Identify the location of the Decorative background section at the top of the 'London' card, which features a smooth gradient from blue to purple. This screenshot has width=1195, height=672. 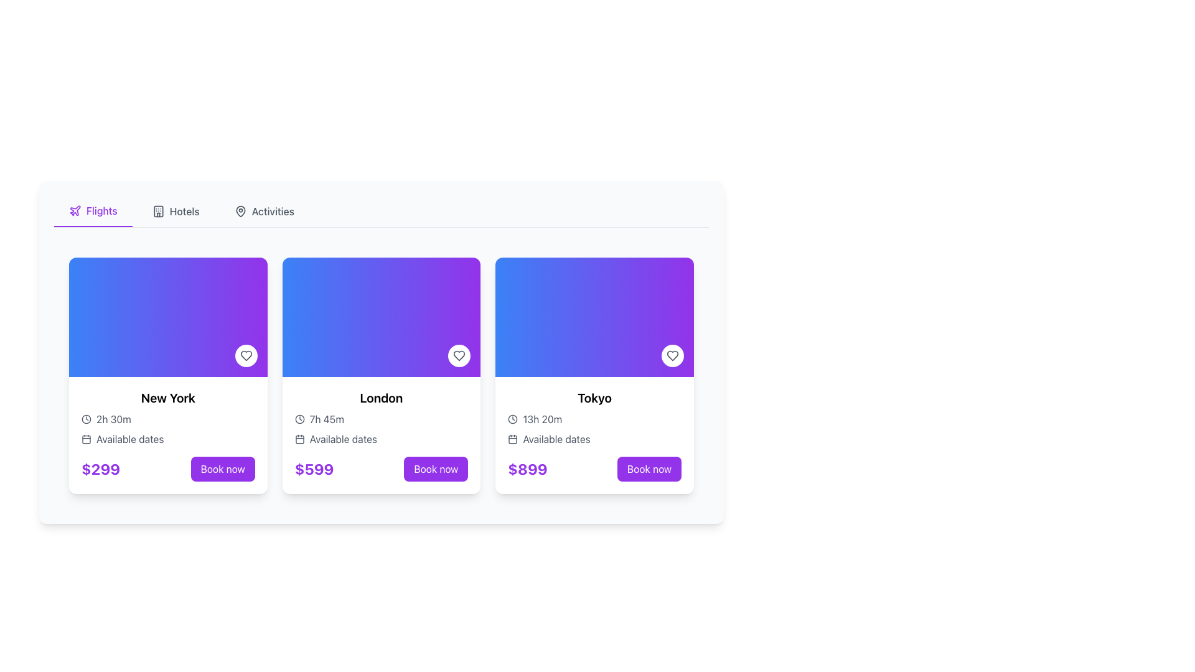
(381, 316).